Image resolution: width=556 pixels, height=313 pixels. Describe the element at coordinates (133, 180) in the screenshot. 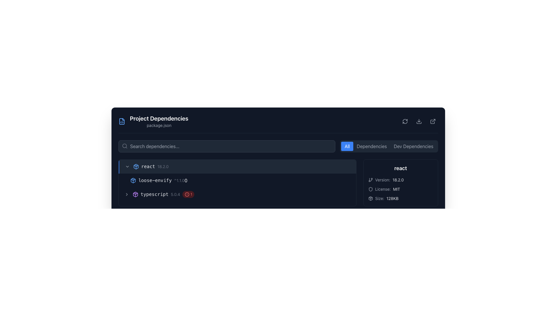

I see `the visual indicator icon for the 'loose-envify' dependency, which represents its type or status in the dependency list` at that location.